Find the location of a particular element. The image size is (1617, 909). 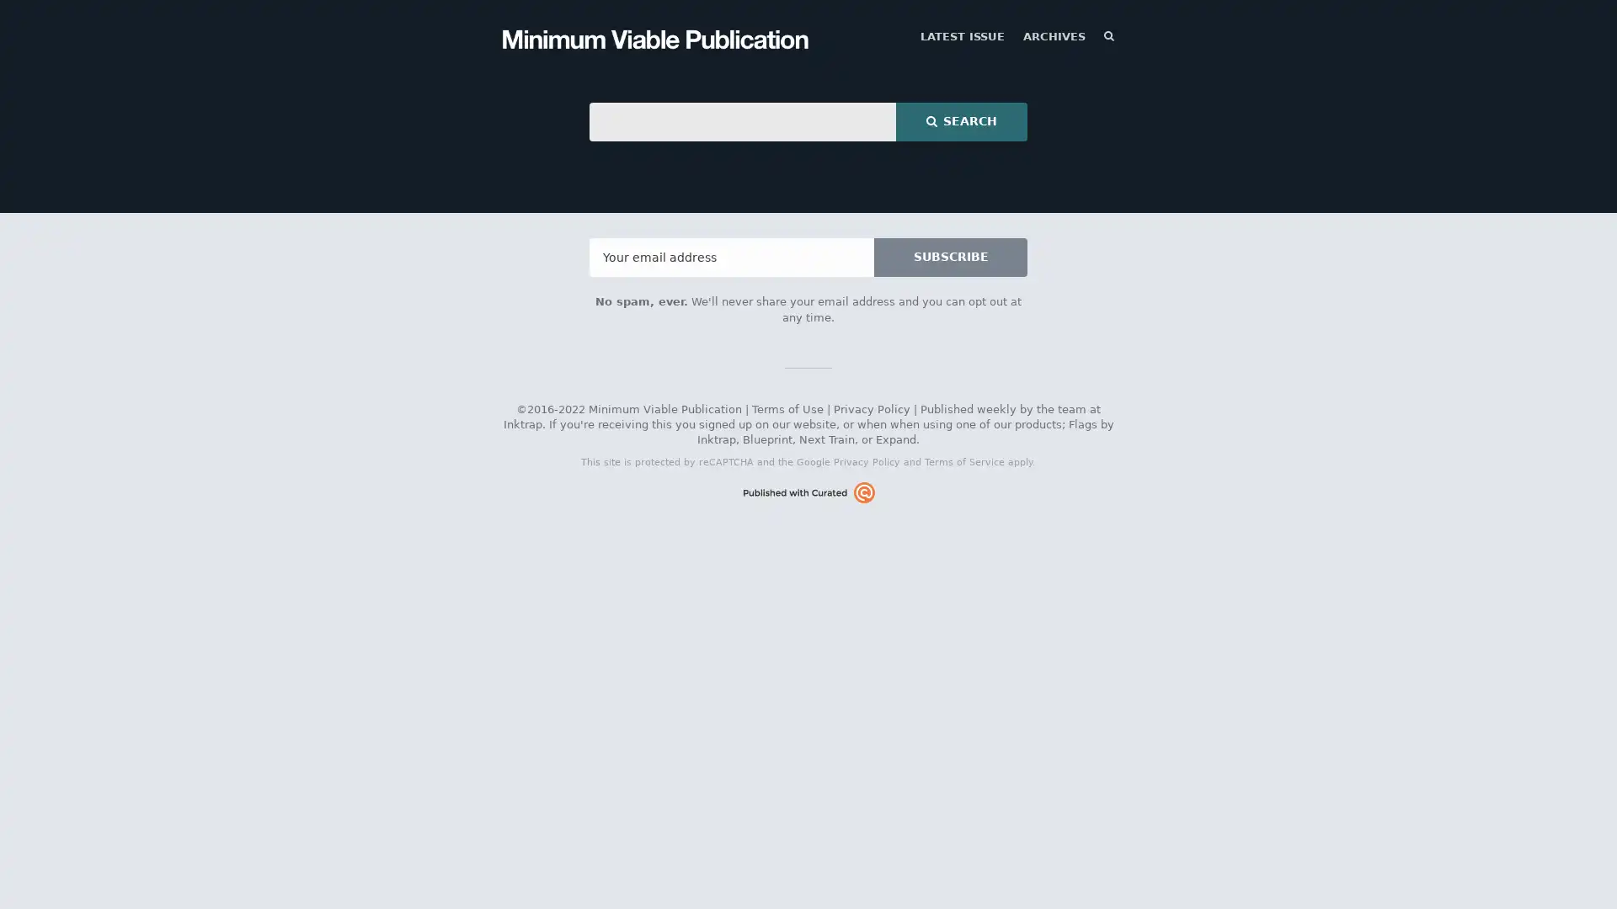

SEARCH is located at coordinates (962, 120).